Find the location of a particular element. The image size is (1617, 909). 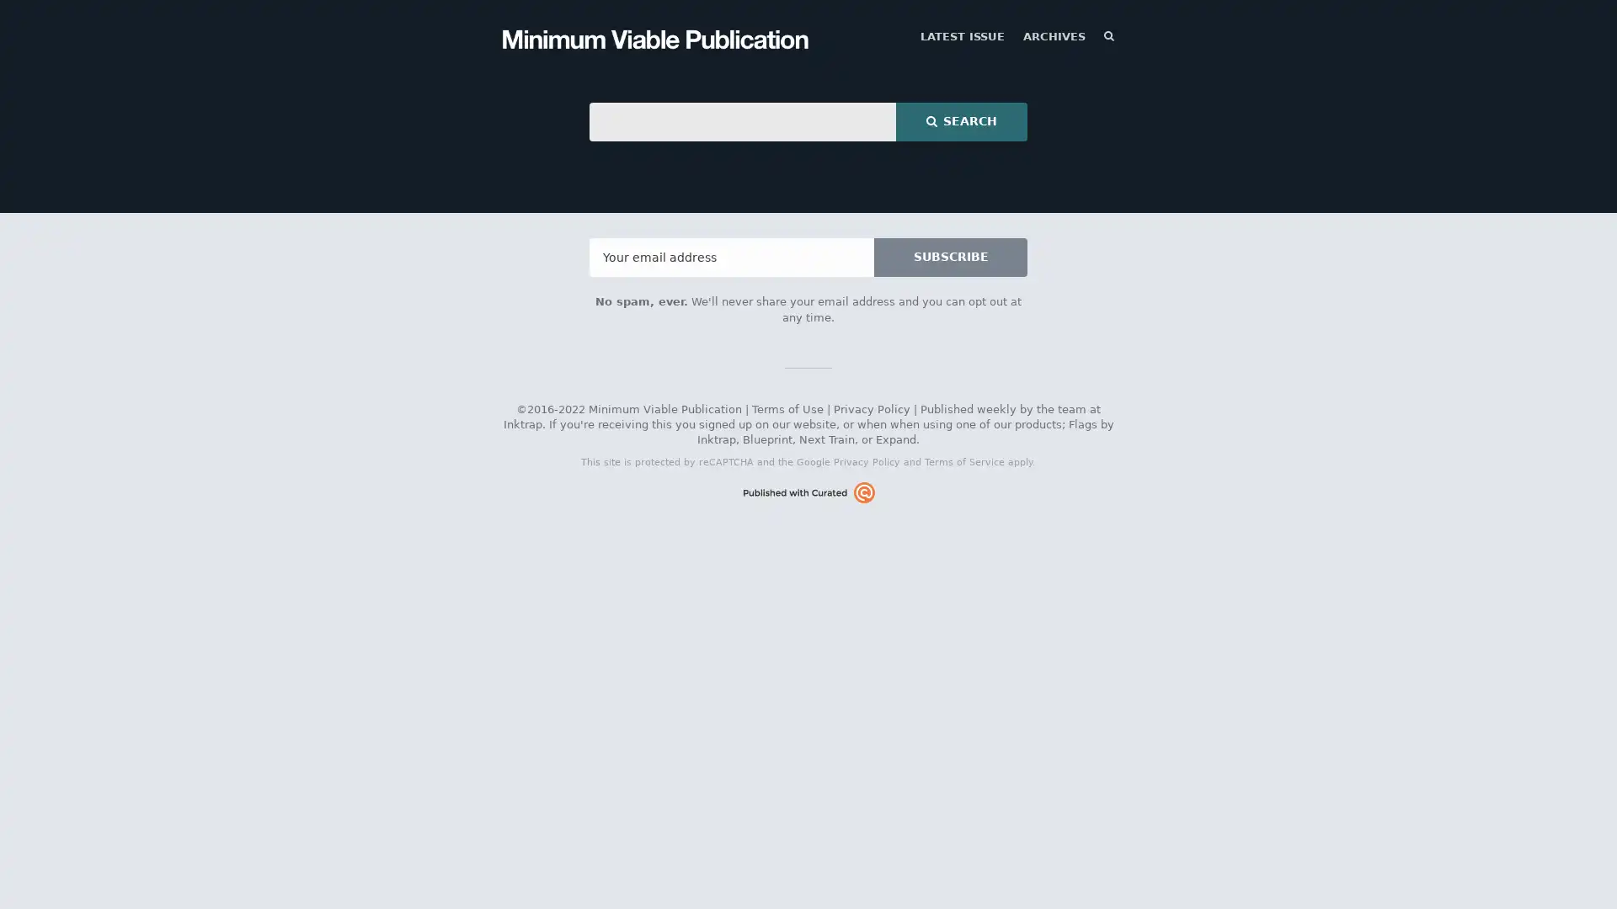

SEARCH is located at coordinates (962, 120).